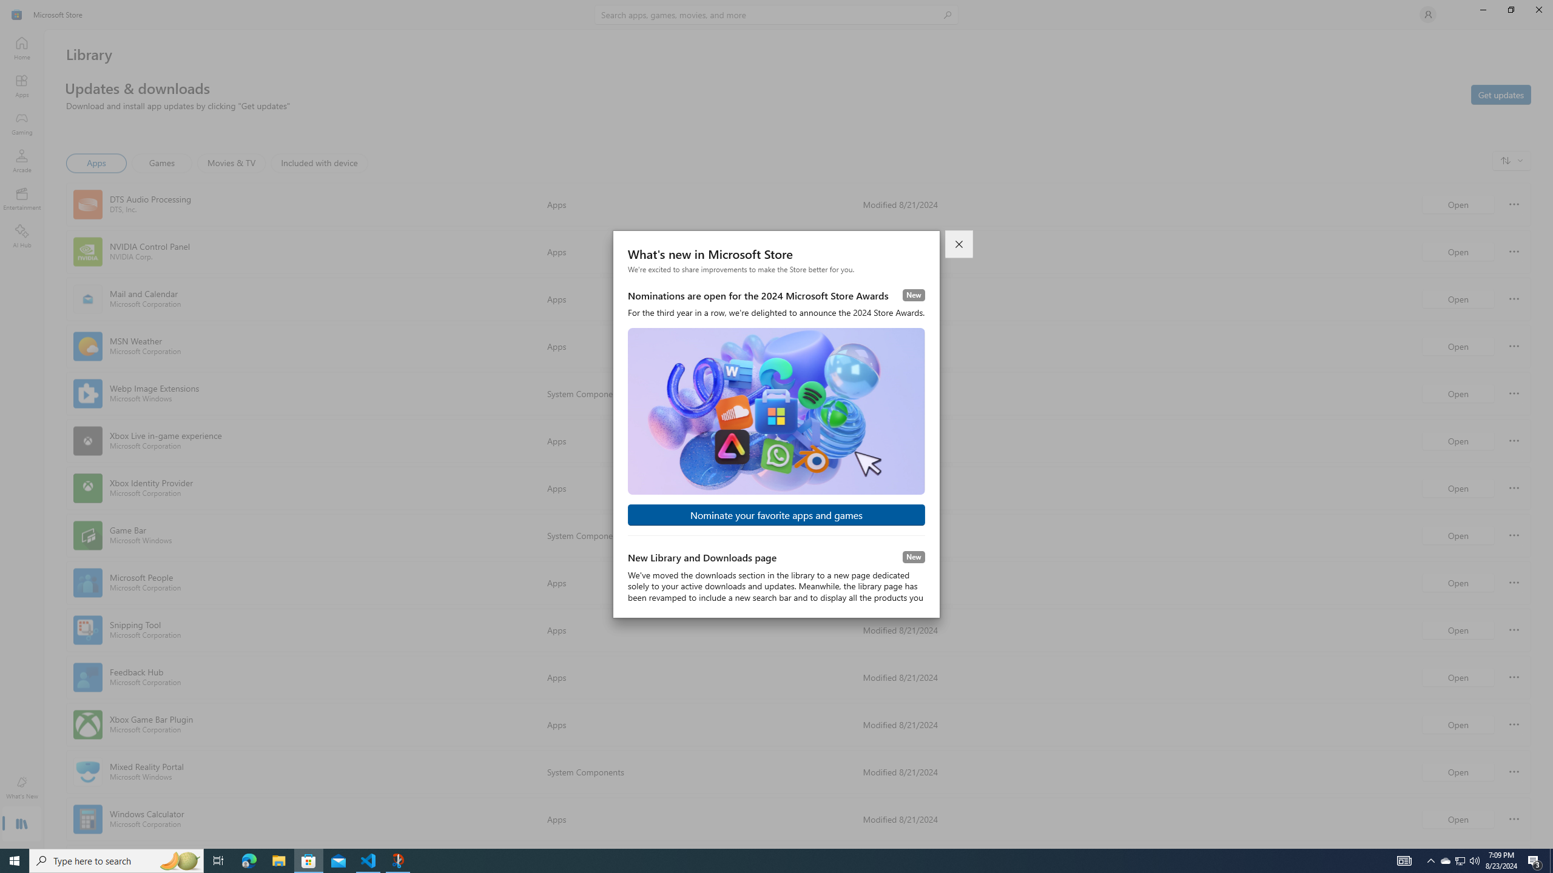 This screenshot has width=1553, height=873. What do you see at coordinates (21, 824) in the screenshot?
I see `'Library'` at bounding box center [21, 824].